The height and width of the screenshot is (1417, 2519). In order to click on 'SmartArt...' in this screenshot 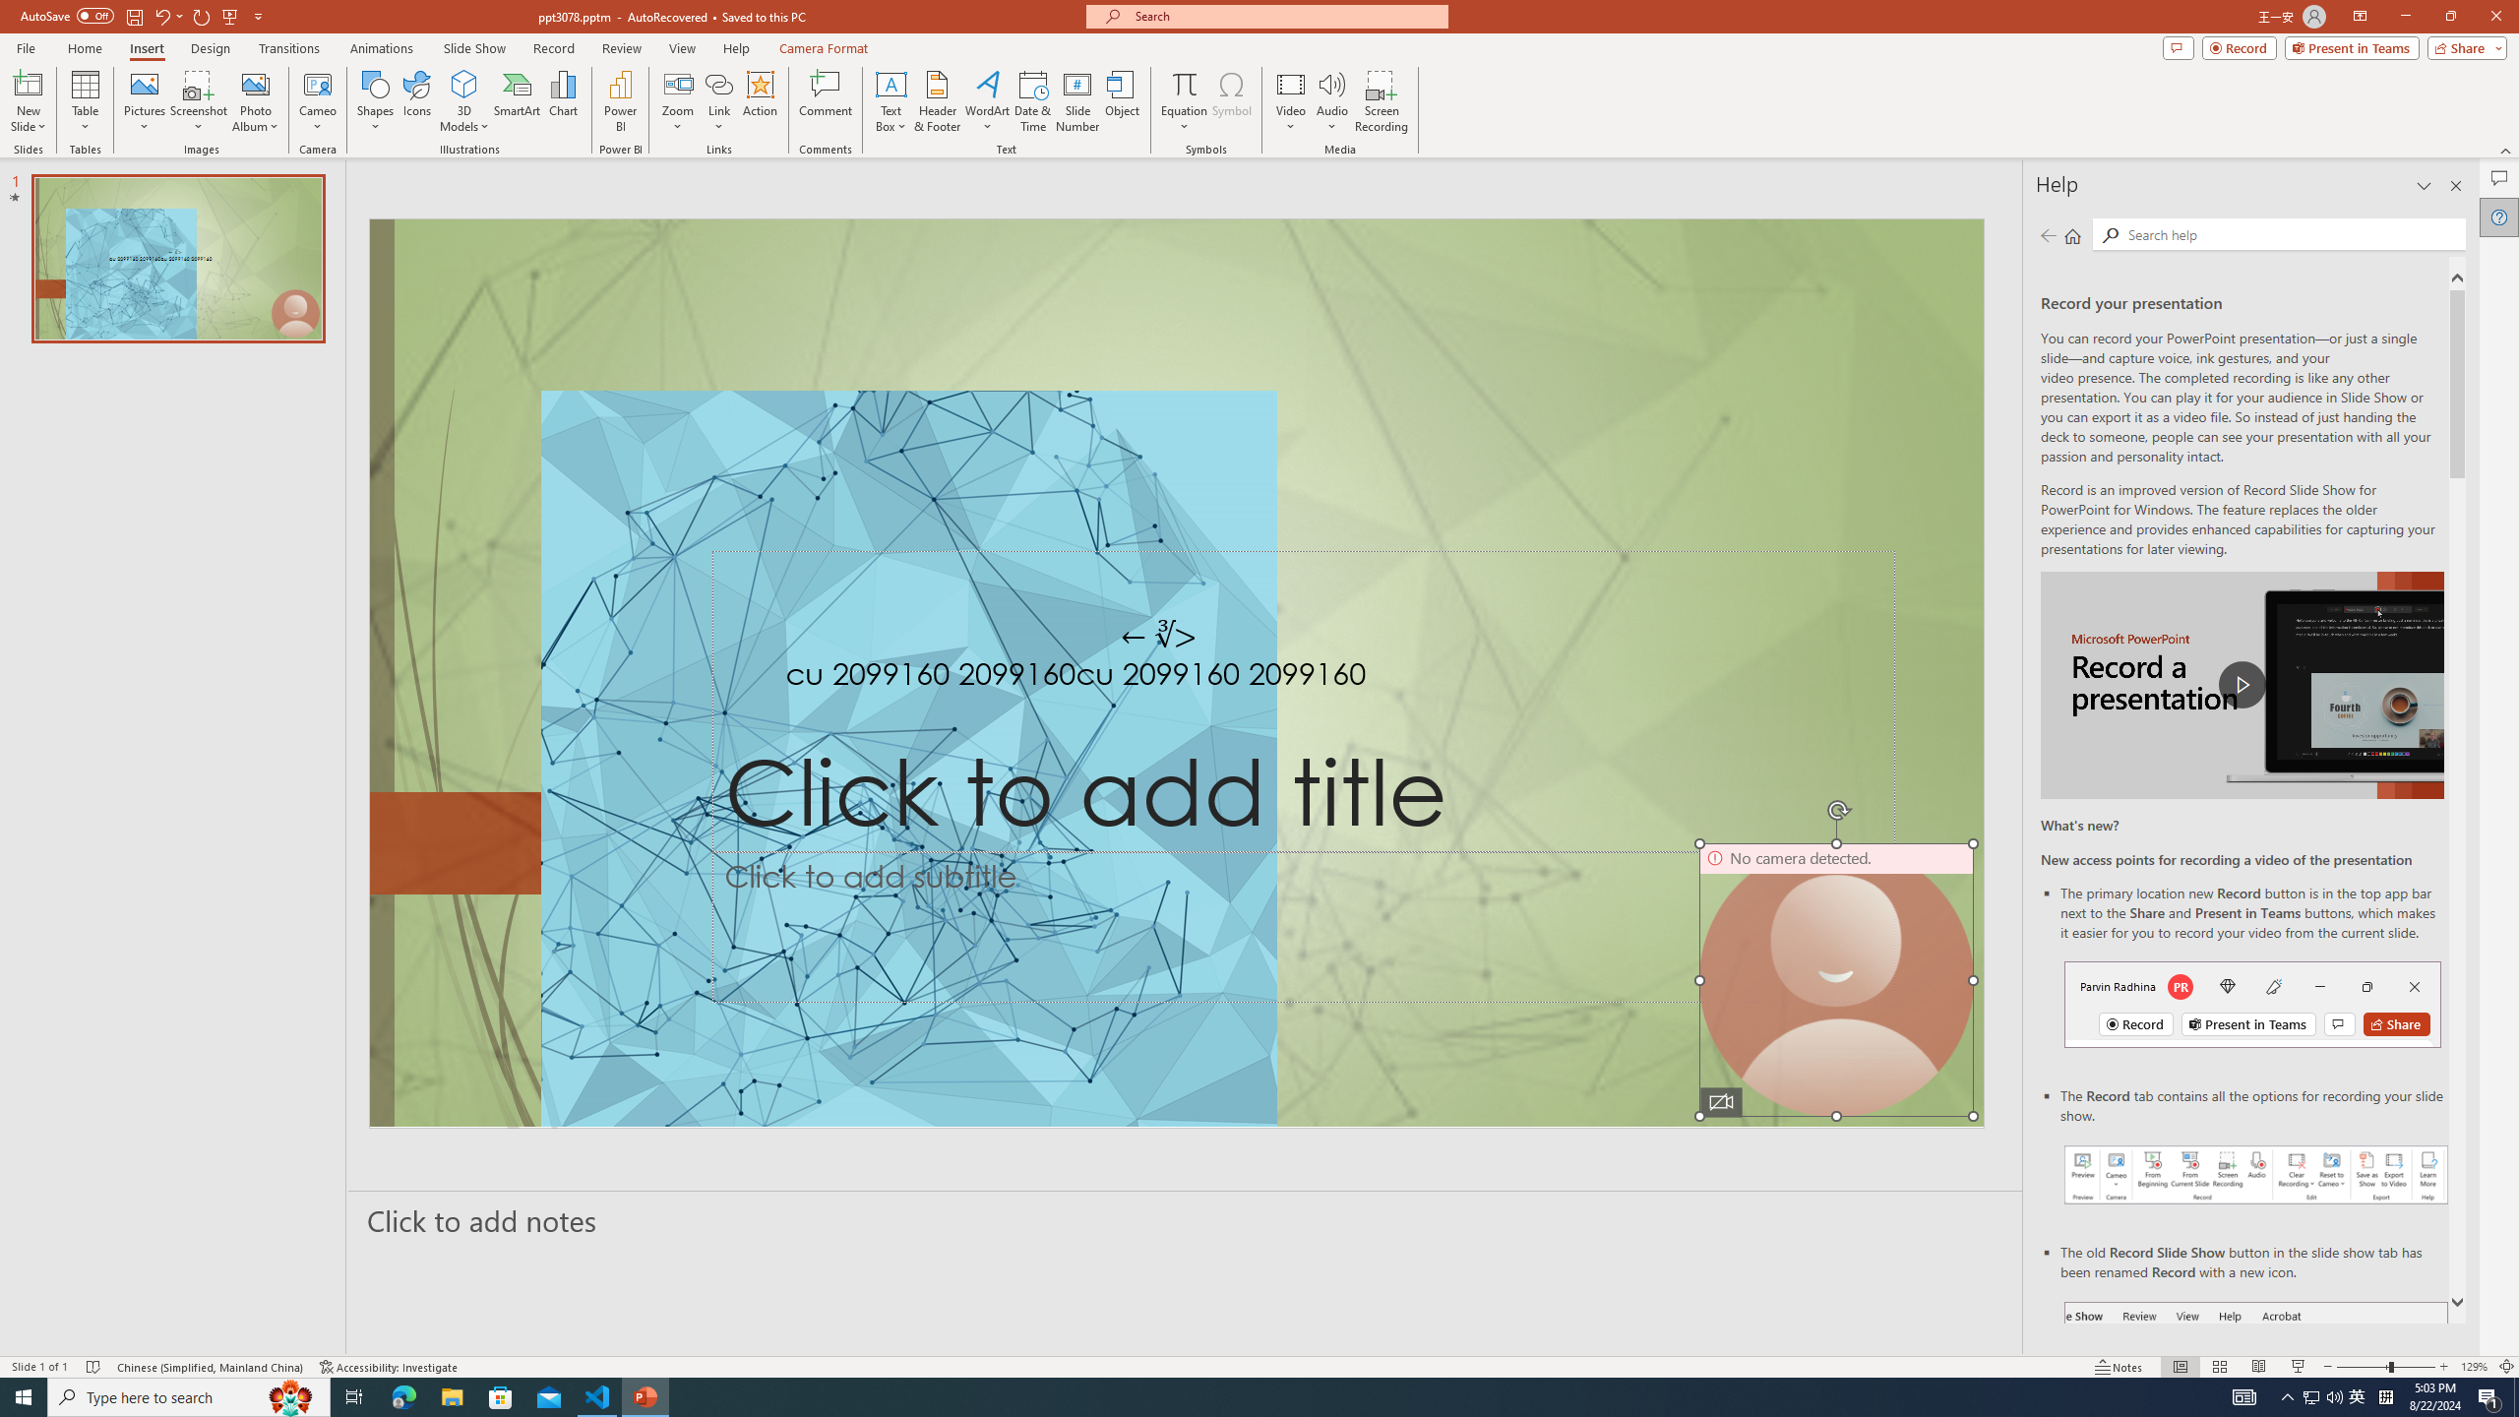, I will do `click(517, 101)`.